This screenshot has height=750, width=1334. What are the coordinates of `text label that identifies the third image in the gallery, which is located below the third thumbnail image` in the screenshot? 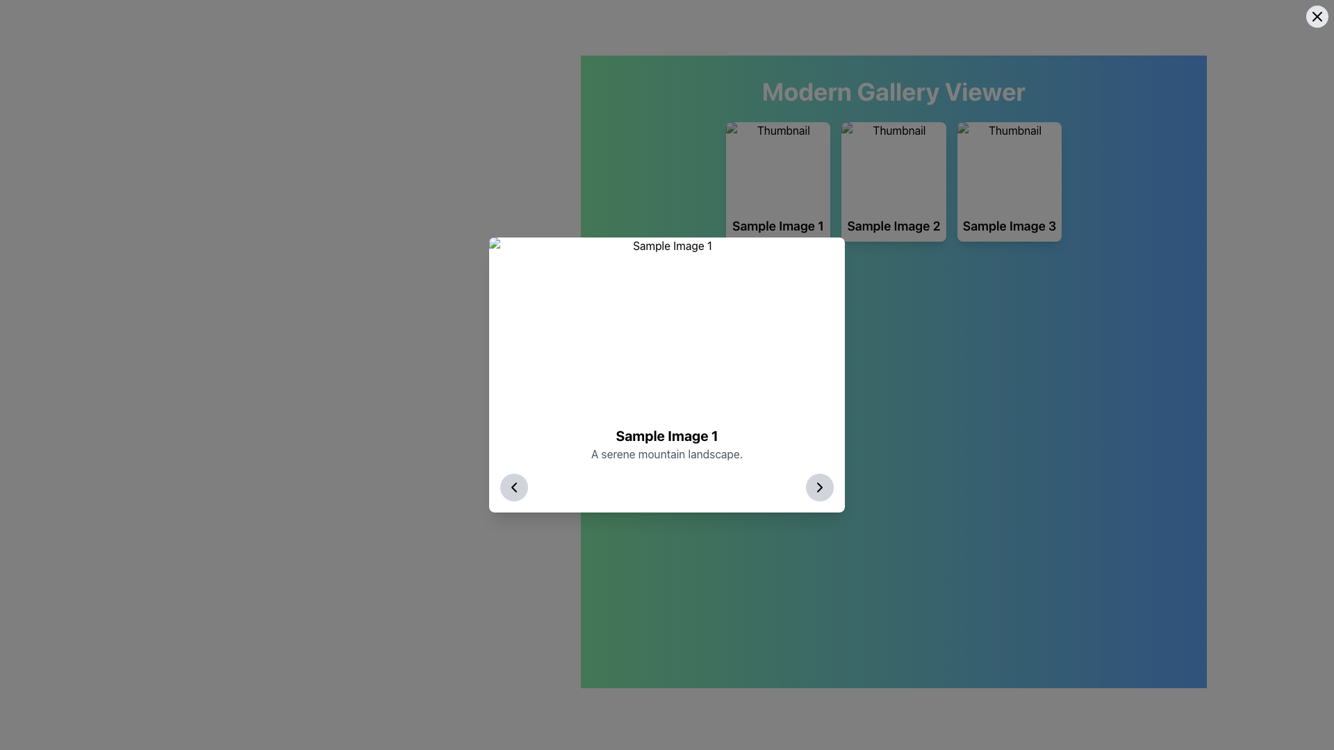 It's located at (1010, 226).